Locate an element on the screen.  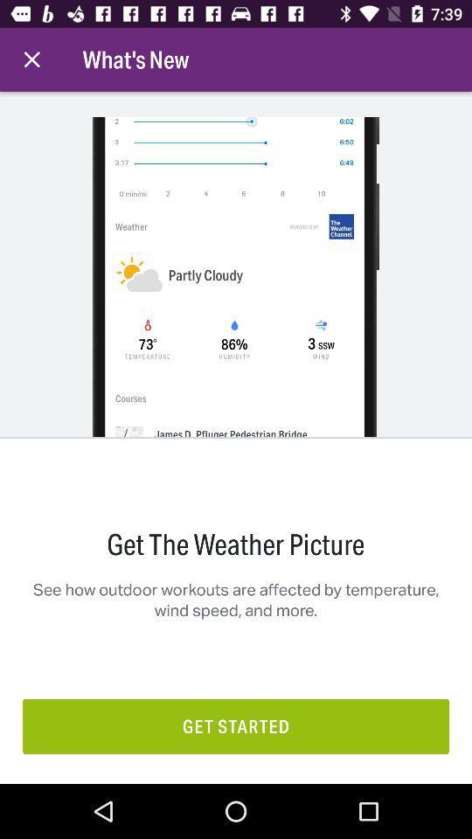
the get started icon is located at coordinates (236, 726).